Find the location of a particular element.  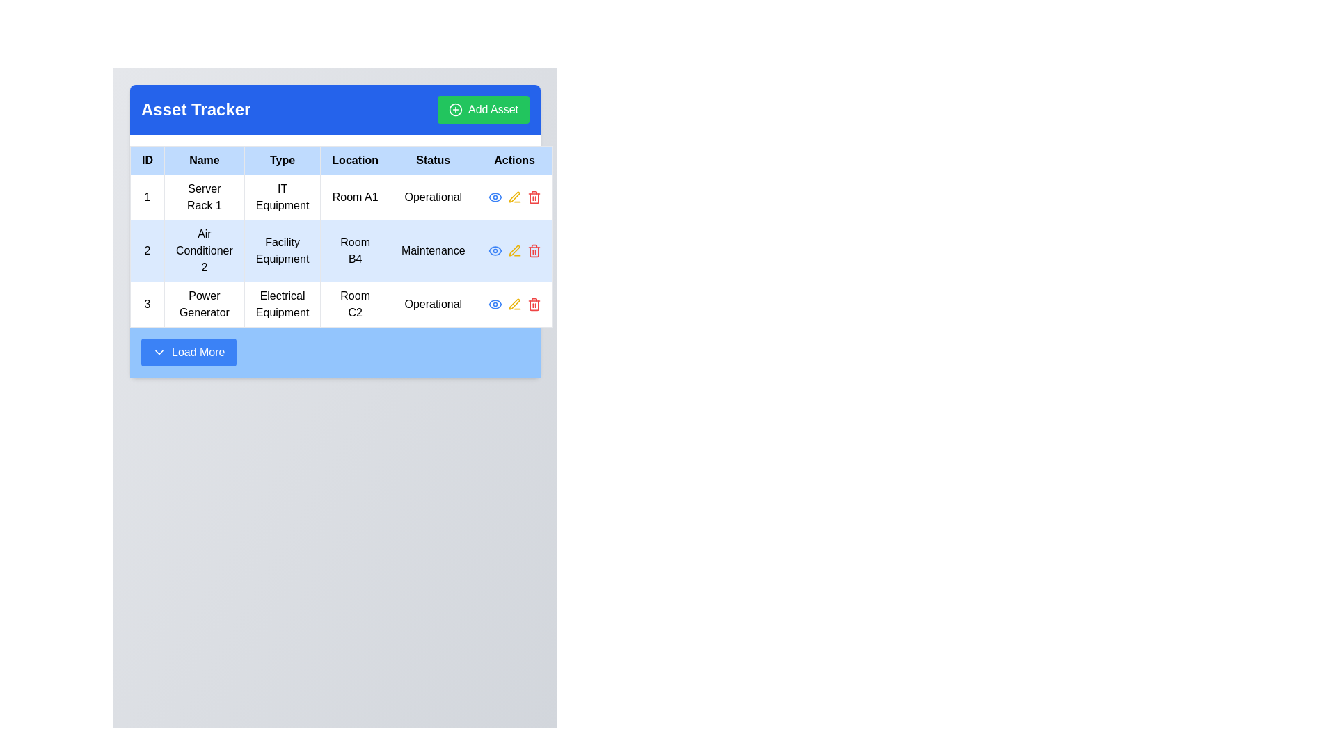

the yellow pen icon in the 'Actions' column of the second row of the table is located at coordinates (514, 251).